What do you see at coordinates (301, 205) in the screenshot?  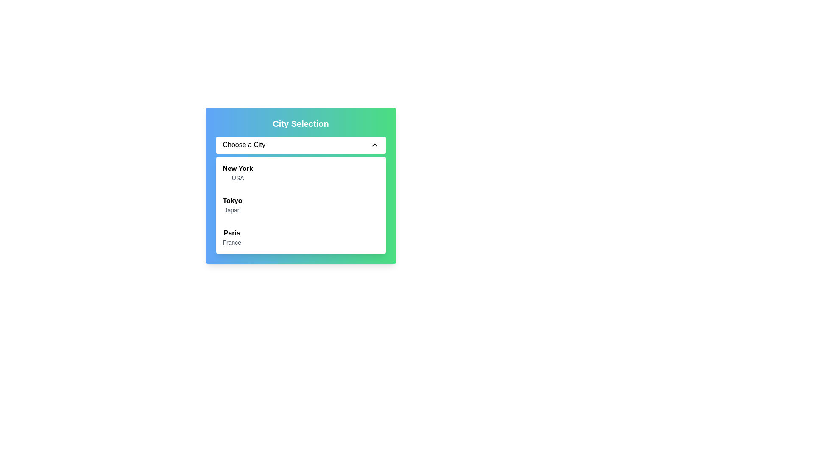 I see `the second item in the dropdown menu labeled 'Tokyo' under the 'Choose a City' selector` at bounding box center [301, 205].